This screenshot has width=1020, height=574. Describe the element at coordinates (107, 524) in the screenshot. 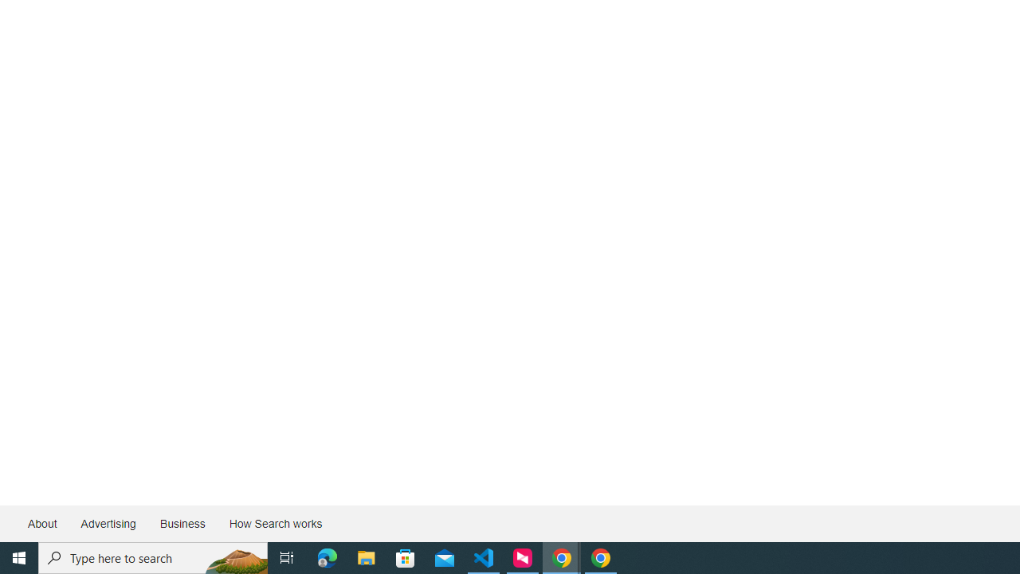

I see `'Advertising'` at that location.